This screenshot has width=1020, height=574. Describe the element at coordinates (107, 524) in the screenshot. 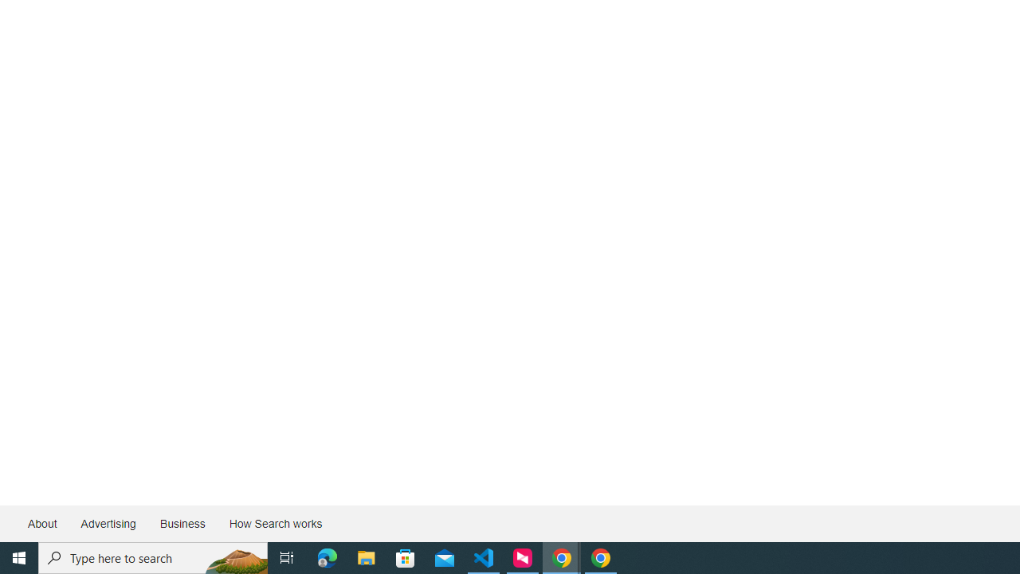

I see `'Advertising'` at that location.